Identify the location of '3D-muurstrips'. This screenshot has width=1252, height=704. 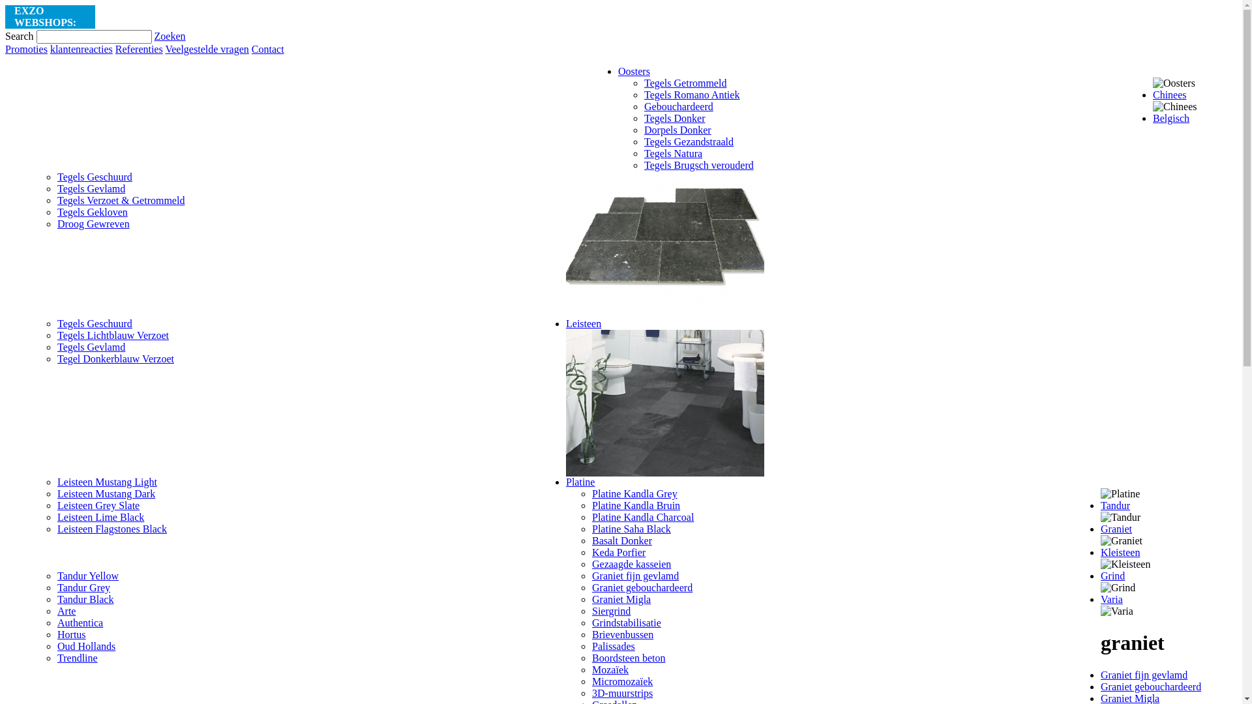
(621, 692).